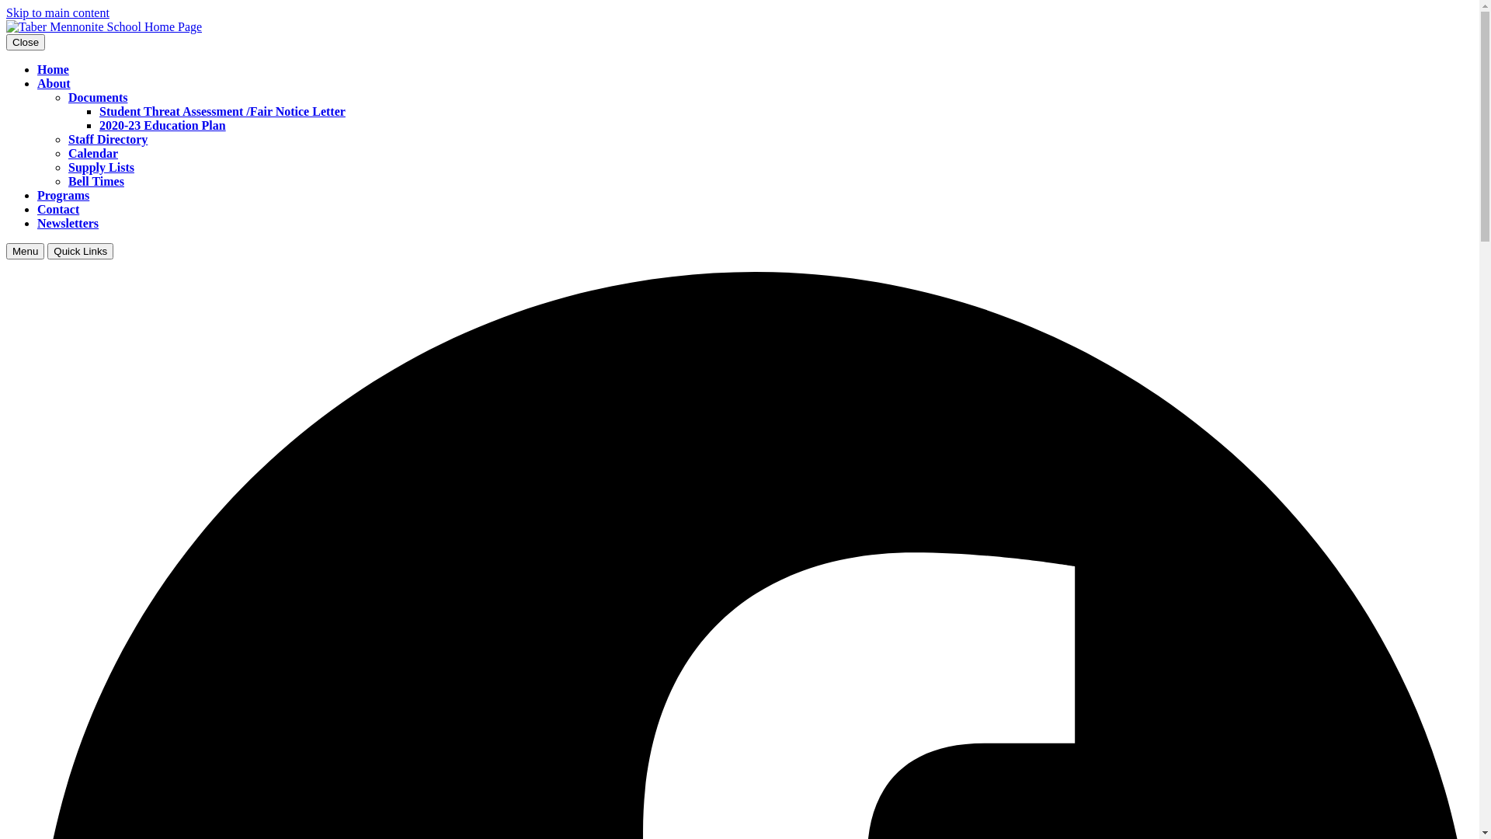 The height and width of the screenshot is (839, 1491). I want to click on 'Bell Times', so click(96, 180).